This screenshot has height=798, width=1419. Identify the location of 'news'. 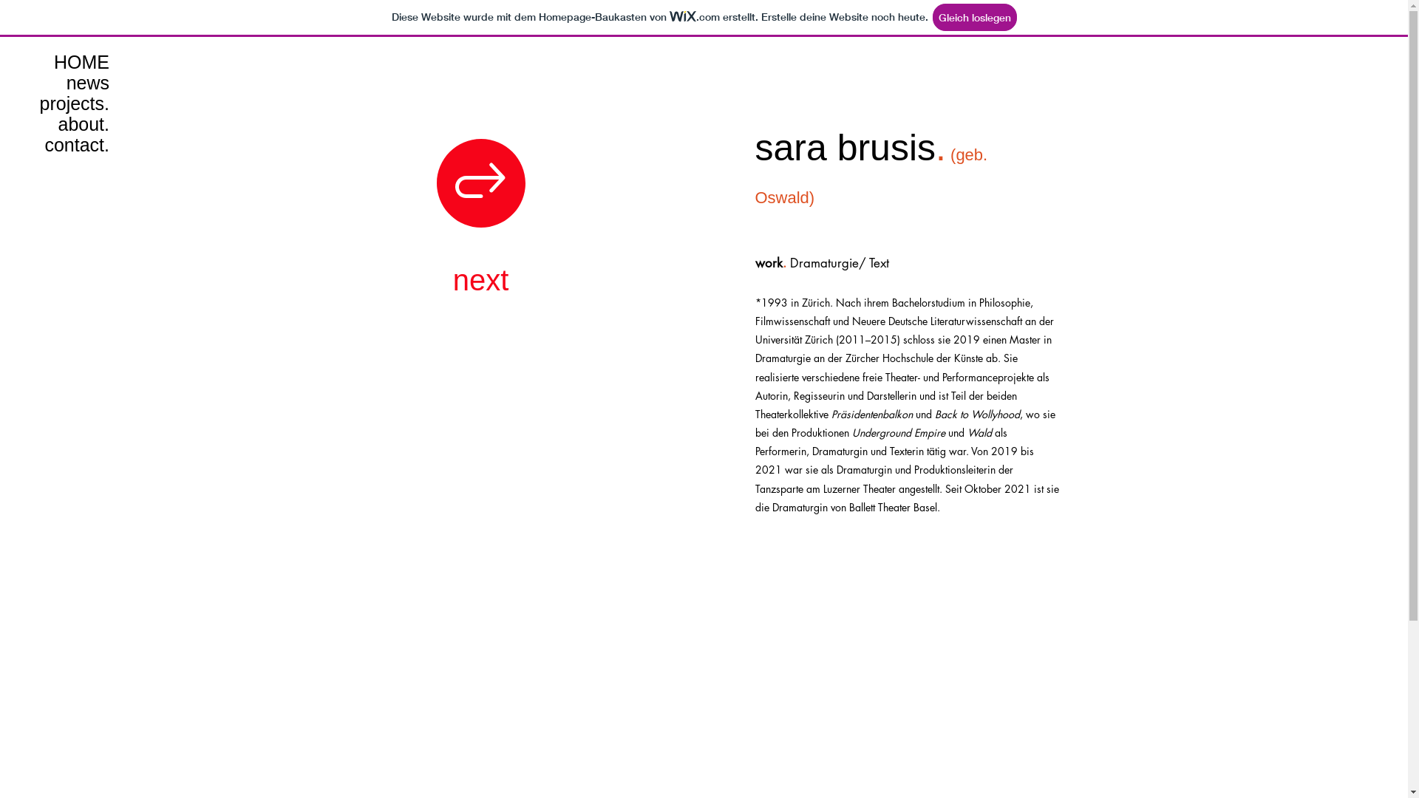
(61, 82).